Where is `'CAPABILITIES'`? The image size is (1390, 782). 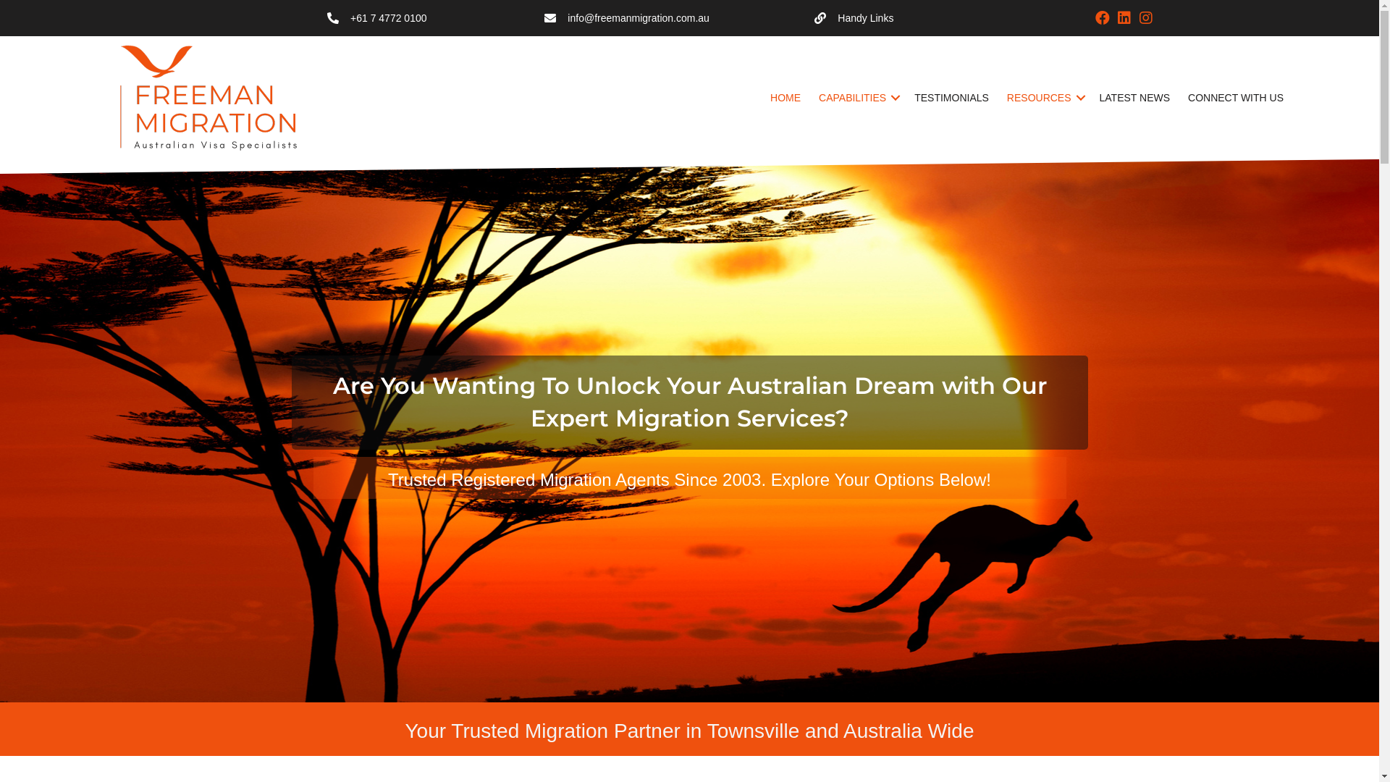 'CAPABILITIES' is located at coordinates (857, 98).